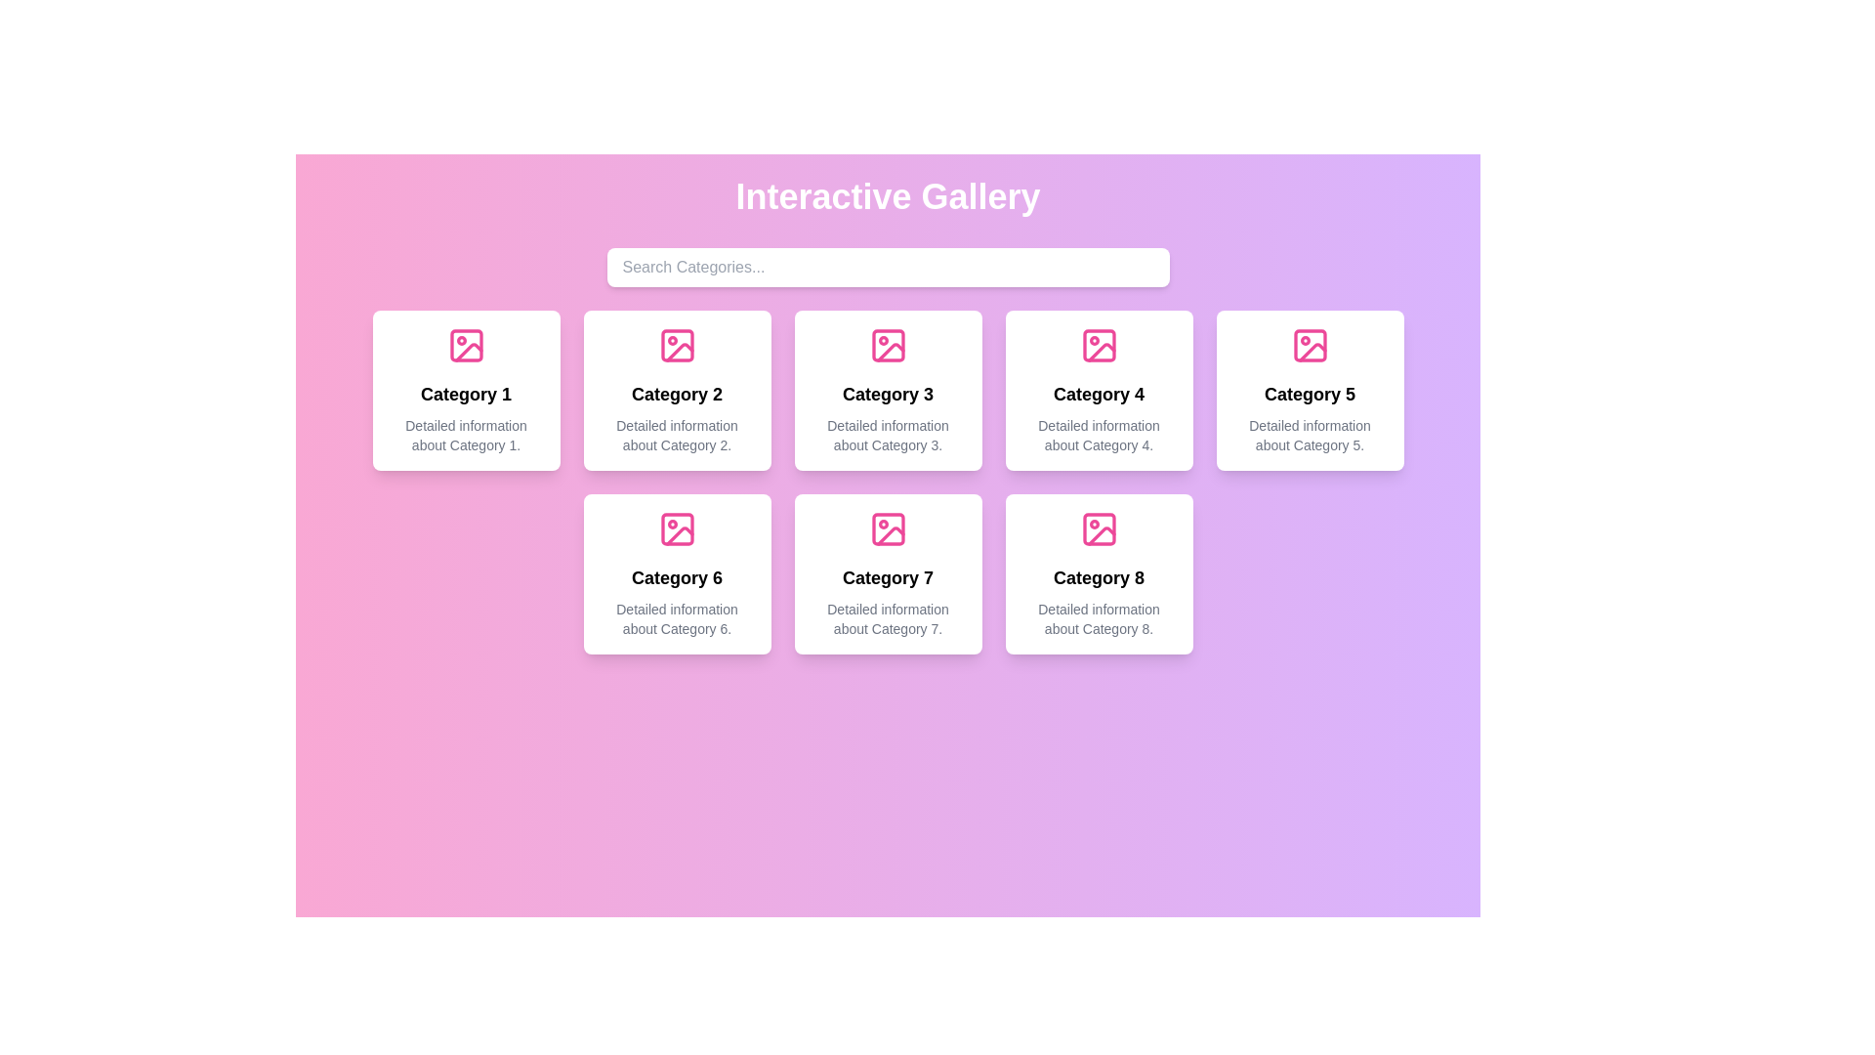  What do you see at coordinates (887, 529) in the screenshot?
I see `the graphical icon component located in the top-left corner of the image symbol for Category 7` at bounding box center [887, 529].